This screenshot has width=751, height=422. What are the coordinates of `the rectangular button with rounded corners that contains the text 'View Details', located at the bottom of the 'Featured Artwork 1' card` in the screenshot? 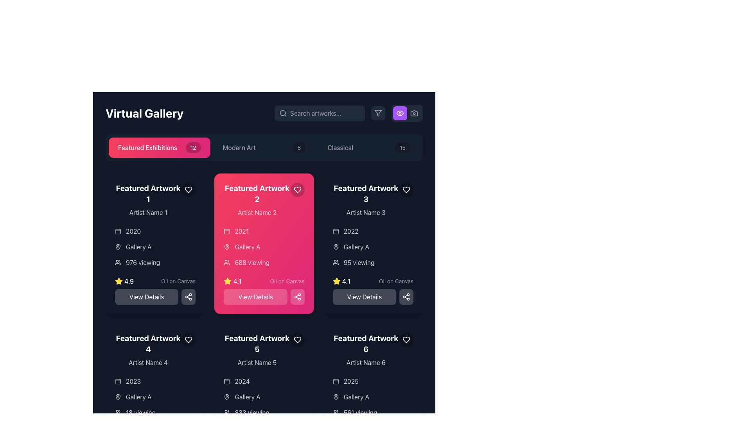 It's located at (155, 291).